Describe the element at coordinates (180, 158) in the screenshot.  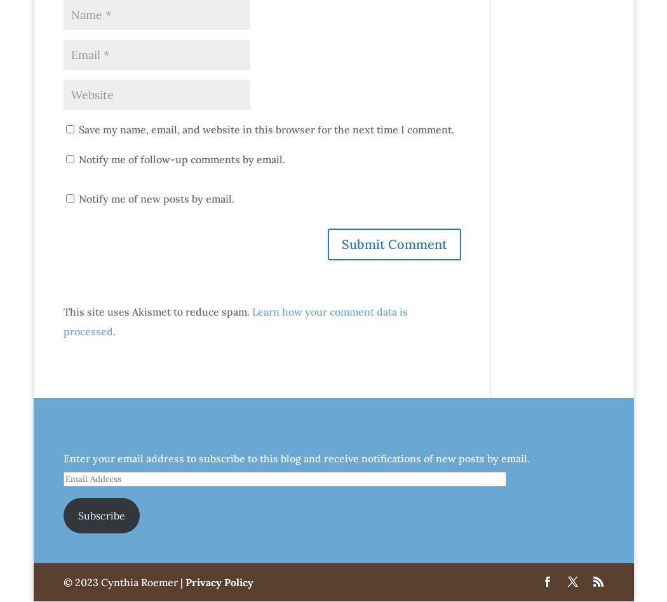
I see `'Notify me of follow-up comments by email.'` at that location.